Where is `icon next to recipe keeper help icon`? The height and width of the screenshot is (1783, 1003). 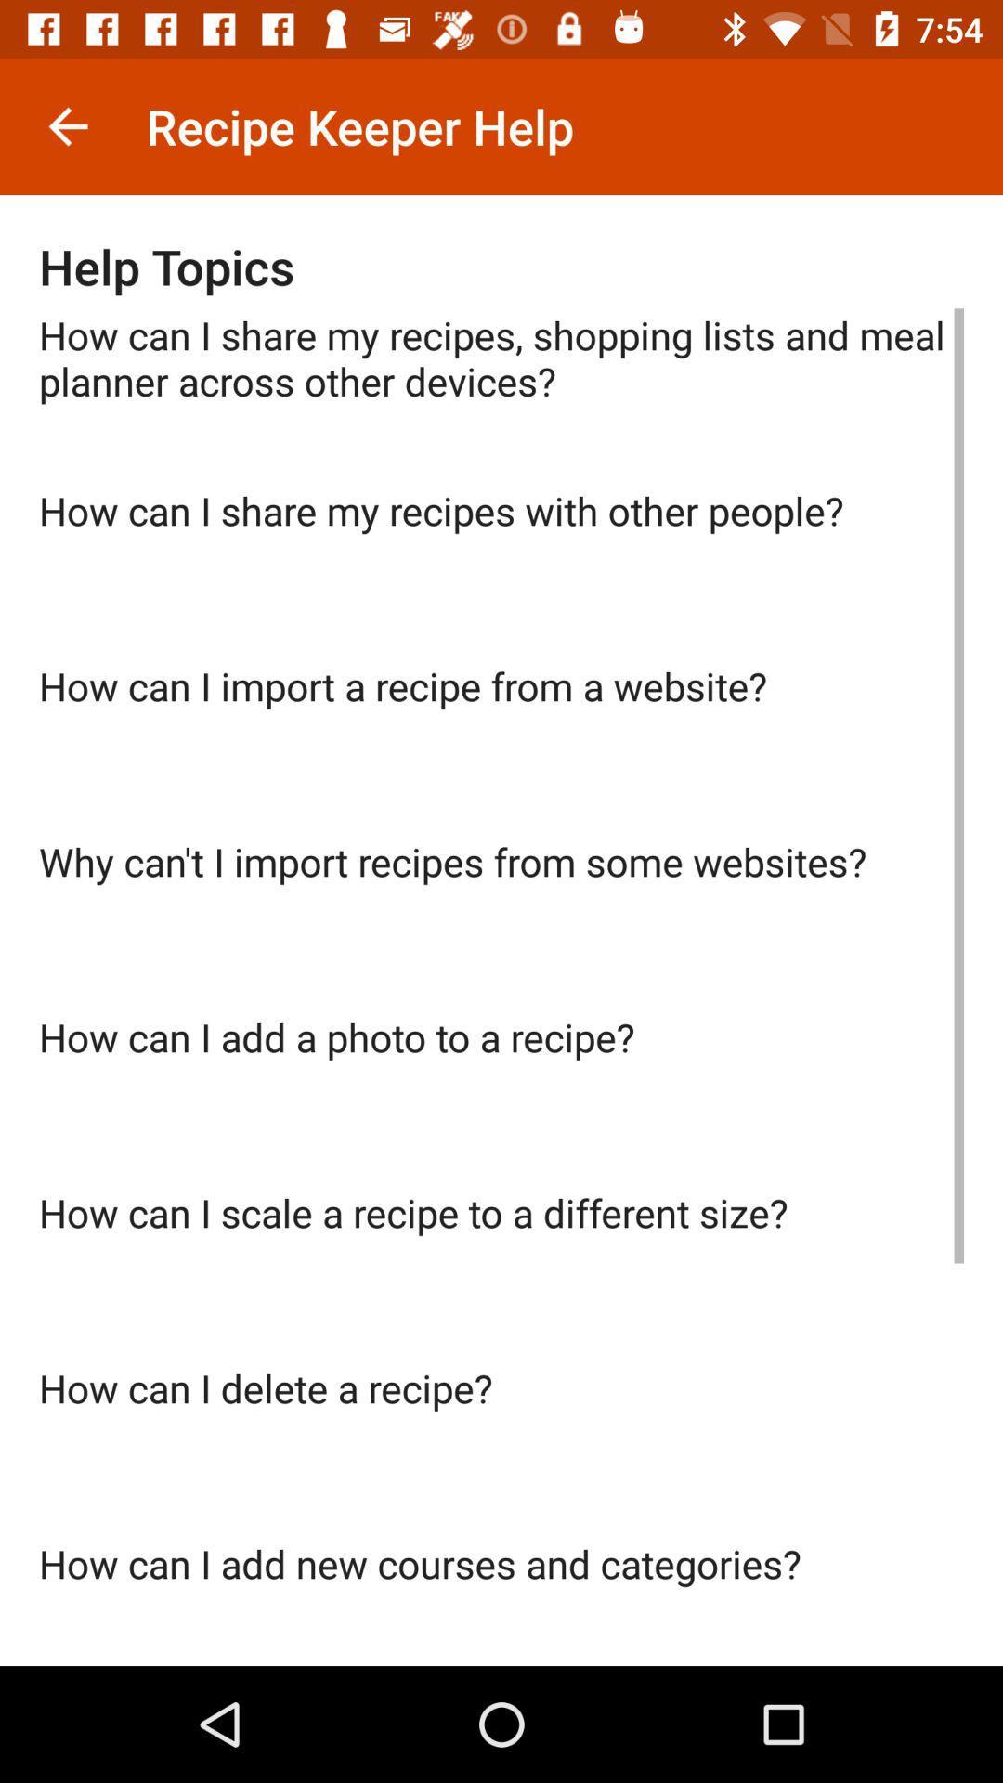
icon next to recipe keeper help icon is located at coordinates (67, 125).